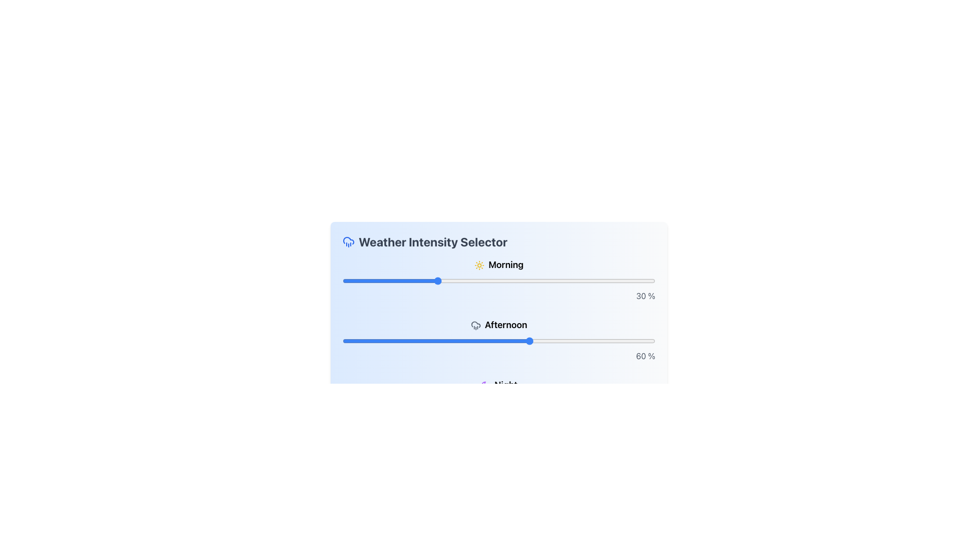  What do you see at coordinates (548, 281) in the screenshot?
I see `the morning weather intensity` at bounding box center [548, 281].